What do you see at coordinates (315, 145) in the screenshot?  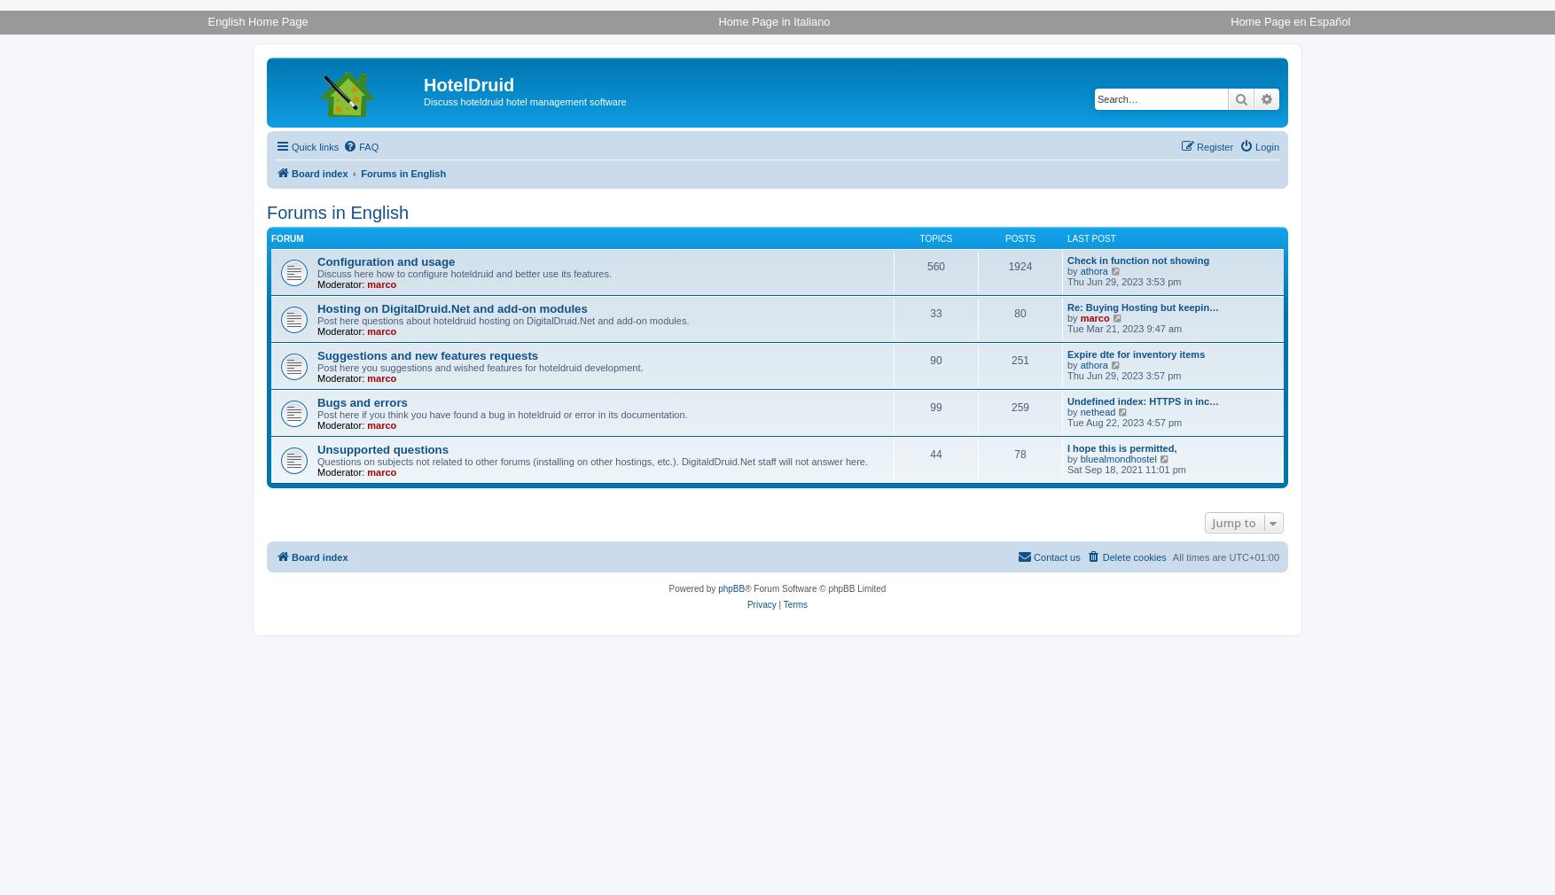 I see `'Quick links'` at bounding box center [315, 145].